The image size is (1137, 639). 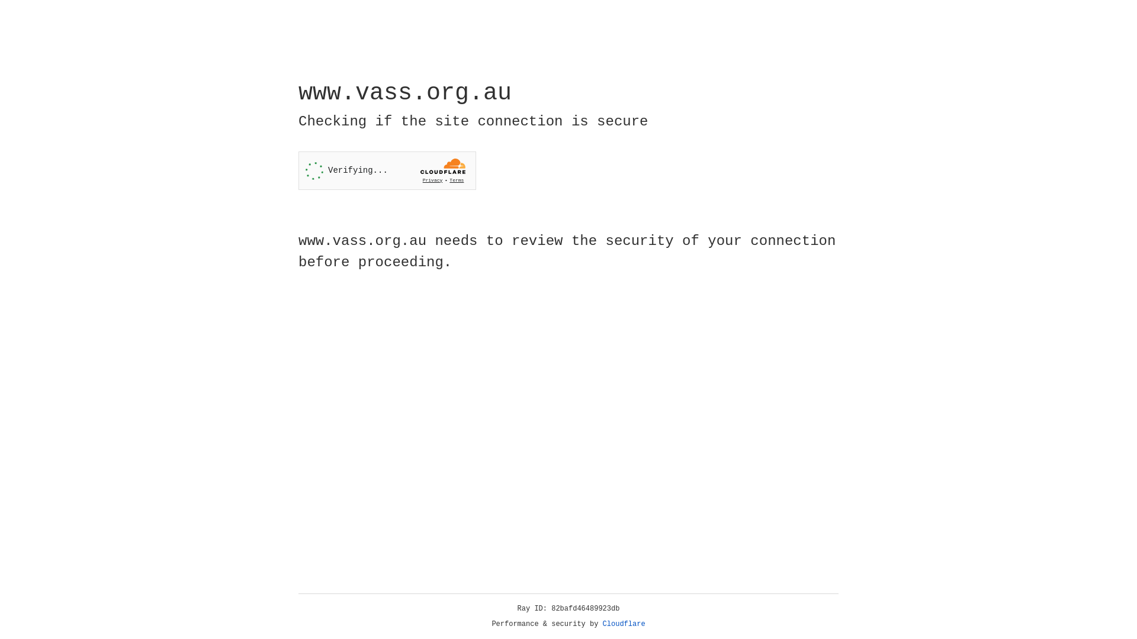 I want to click on 'Cloudflare', so click(x=602, y=624).